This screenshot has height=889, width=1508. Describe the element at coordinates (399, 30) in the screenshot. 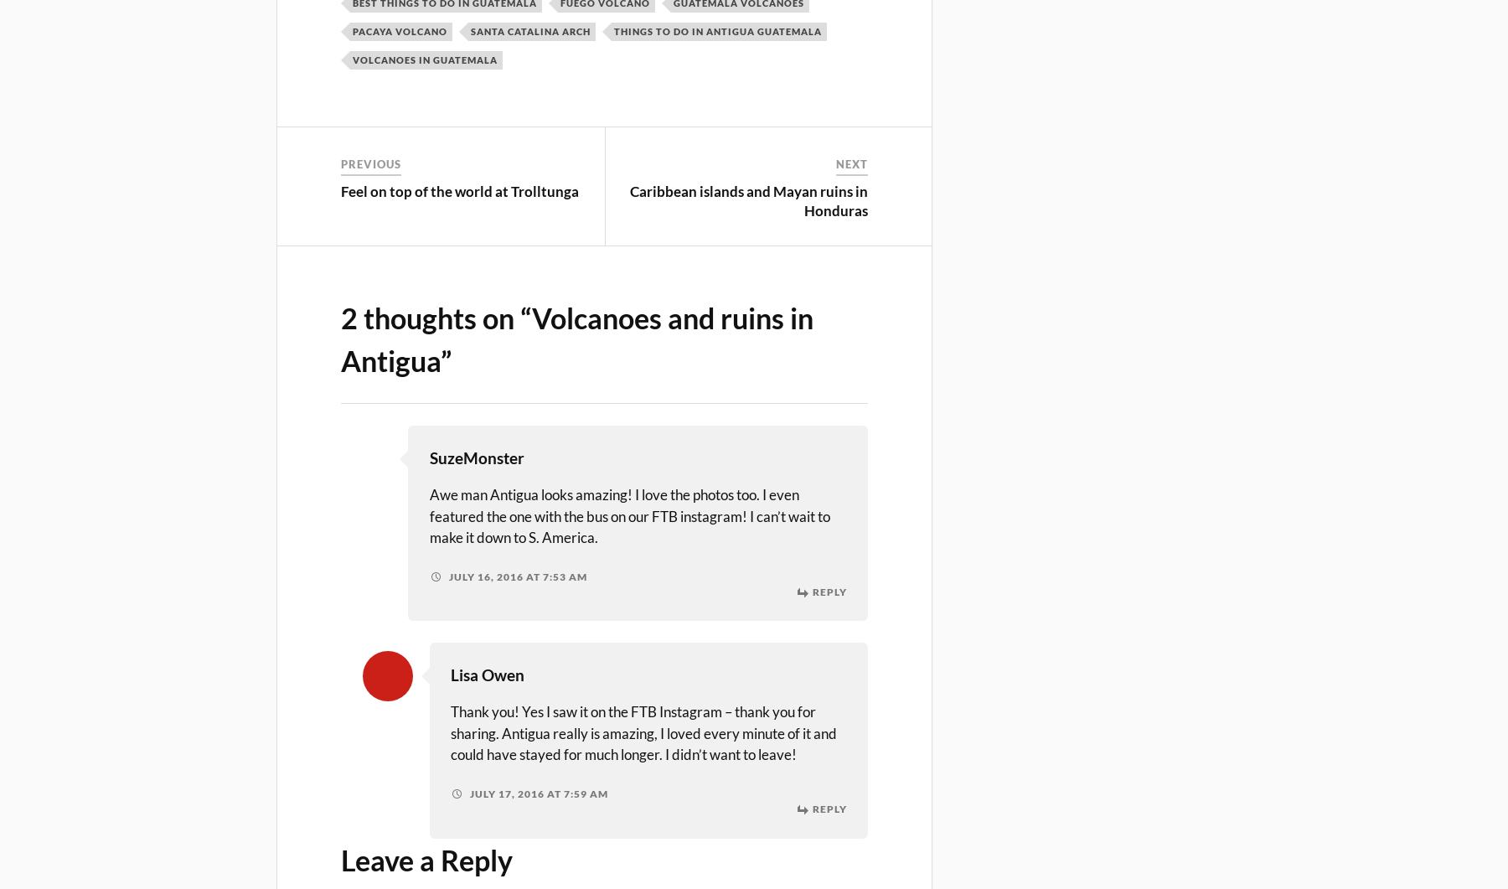

I see `'pacaya volcano'` at that location.